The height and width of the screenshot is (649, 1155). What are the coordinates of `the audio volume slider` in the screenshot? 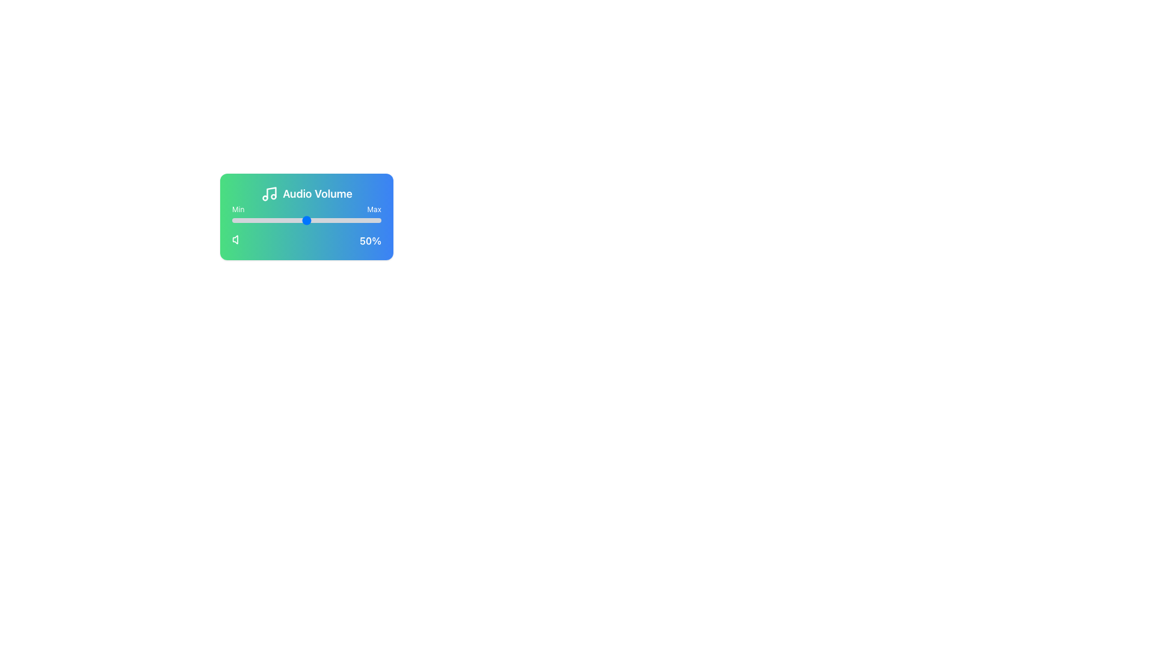 It's located at (363, 220).